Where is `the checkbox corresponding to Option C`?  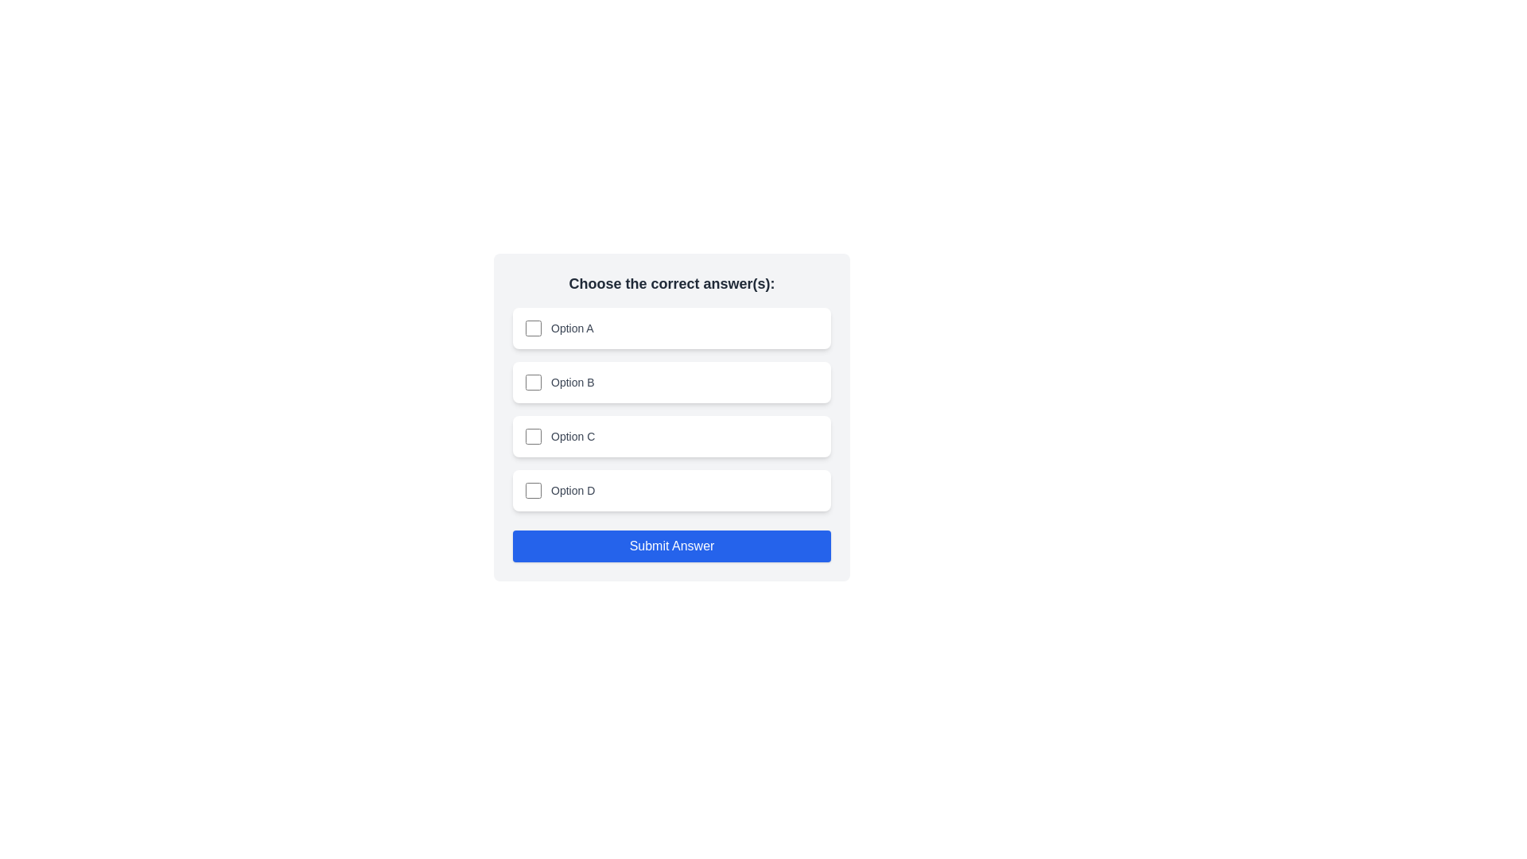 the checkbox corresponding to Option C is located at coordinates (534, 436).